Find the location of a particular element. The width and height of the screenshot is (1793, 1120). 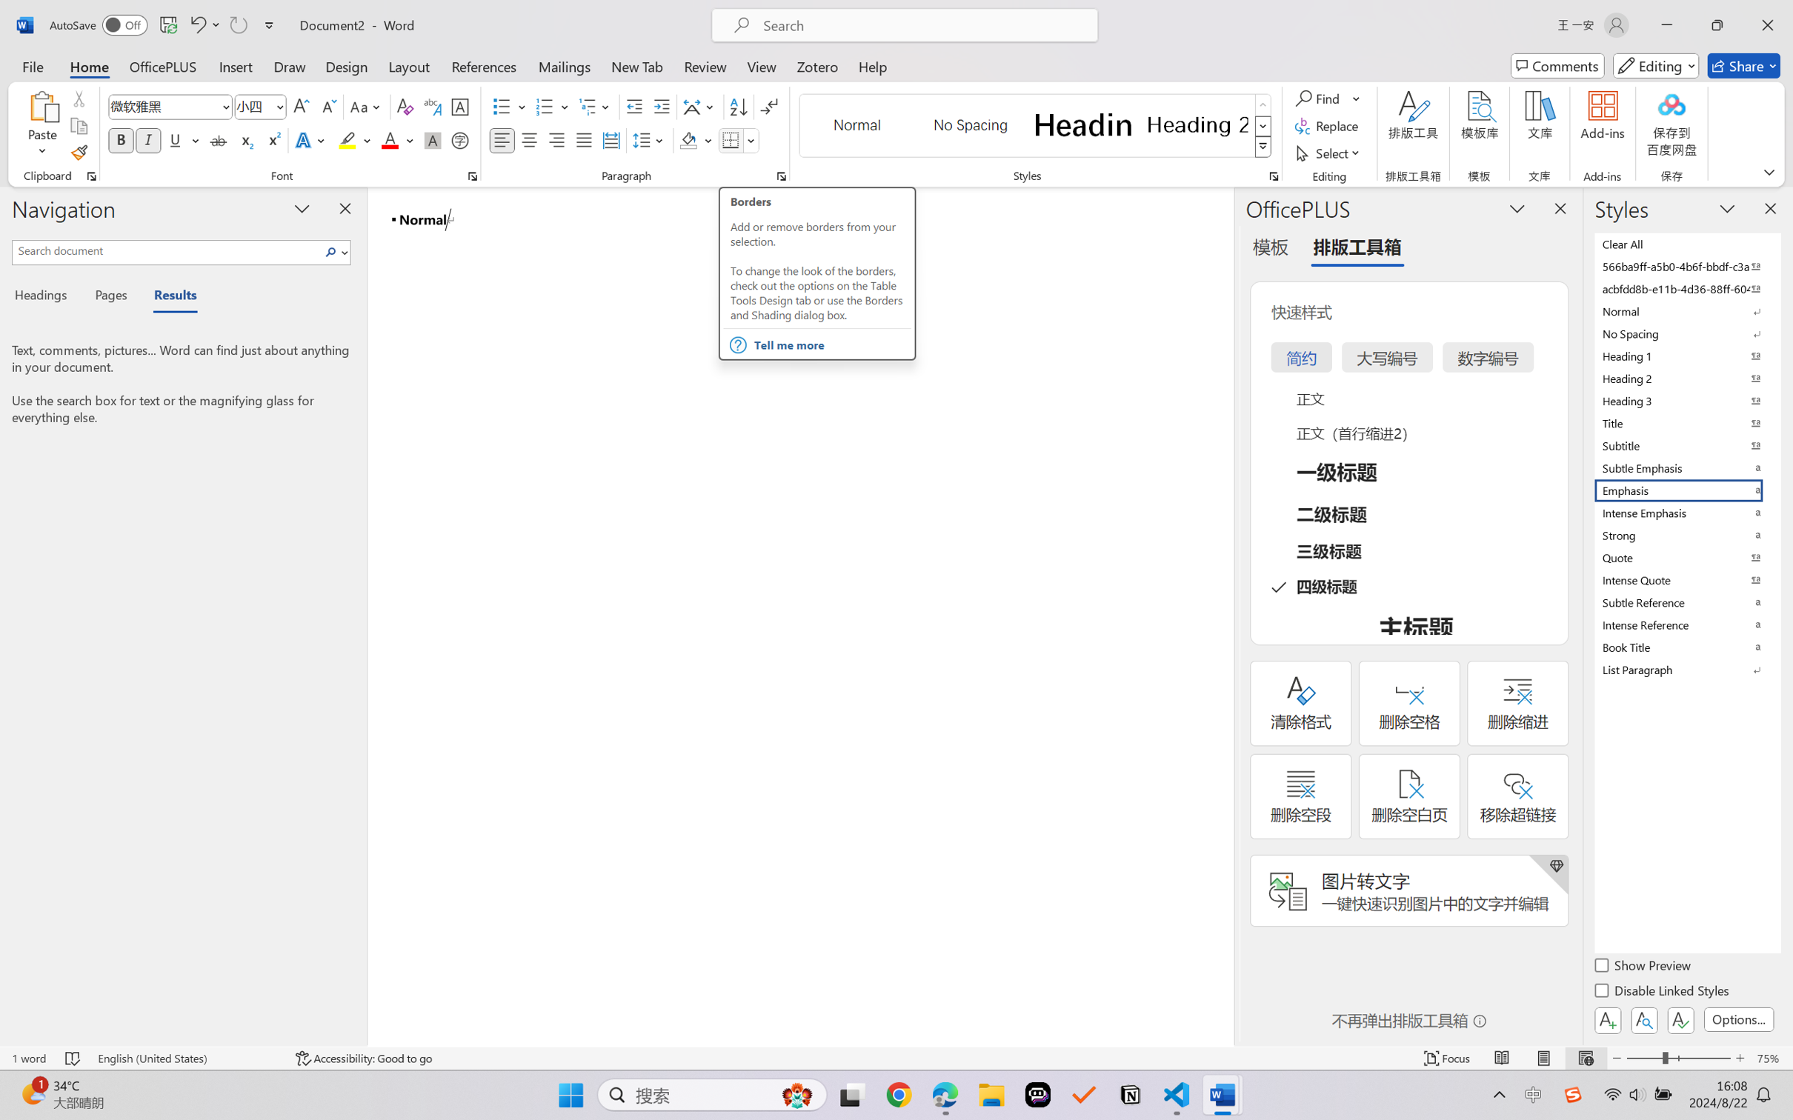

'Zoom' is located at coordinates (1679, 1058).